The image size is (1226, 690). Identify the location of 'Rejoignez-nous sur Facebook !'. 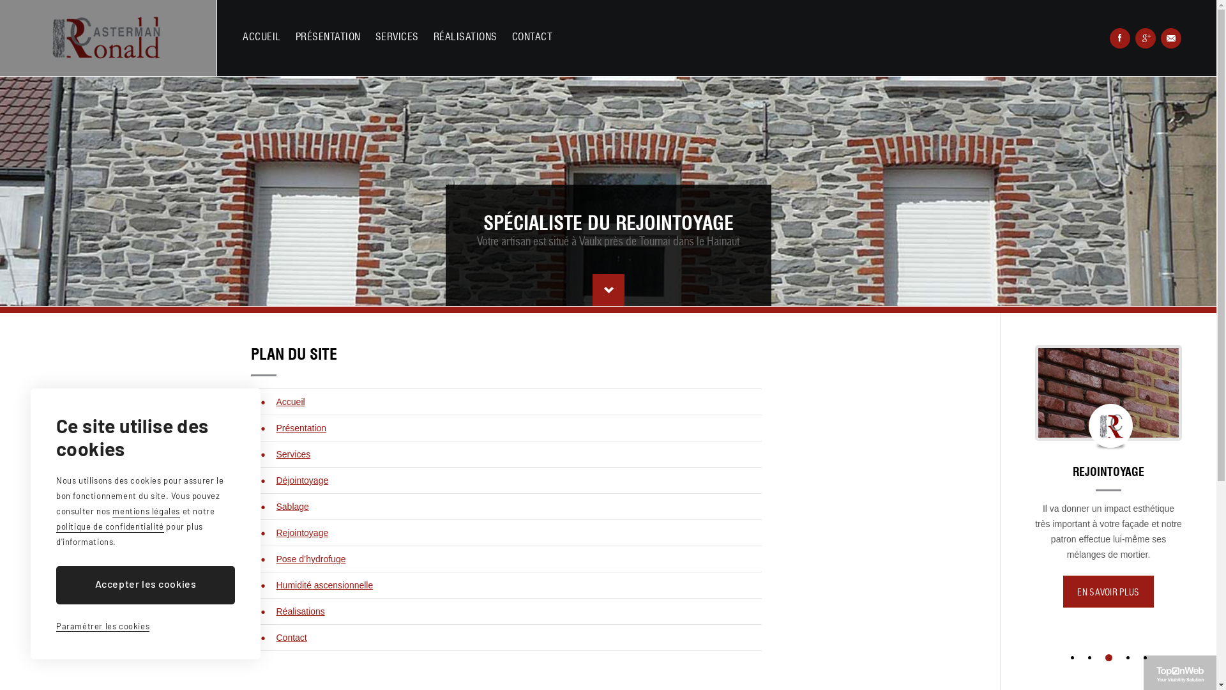
(1119, 38).